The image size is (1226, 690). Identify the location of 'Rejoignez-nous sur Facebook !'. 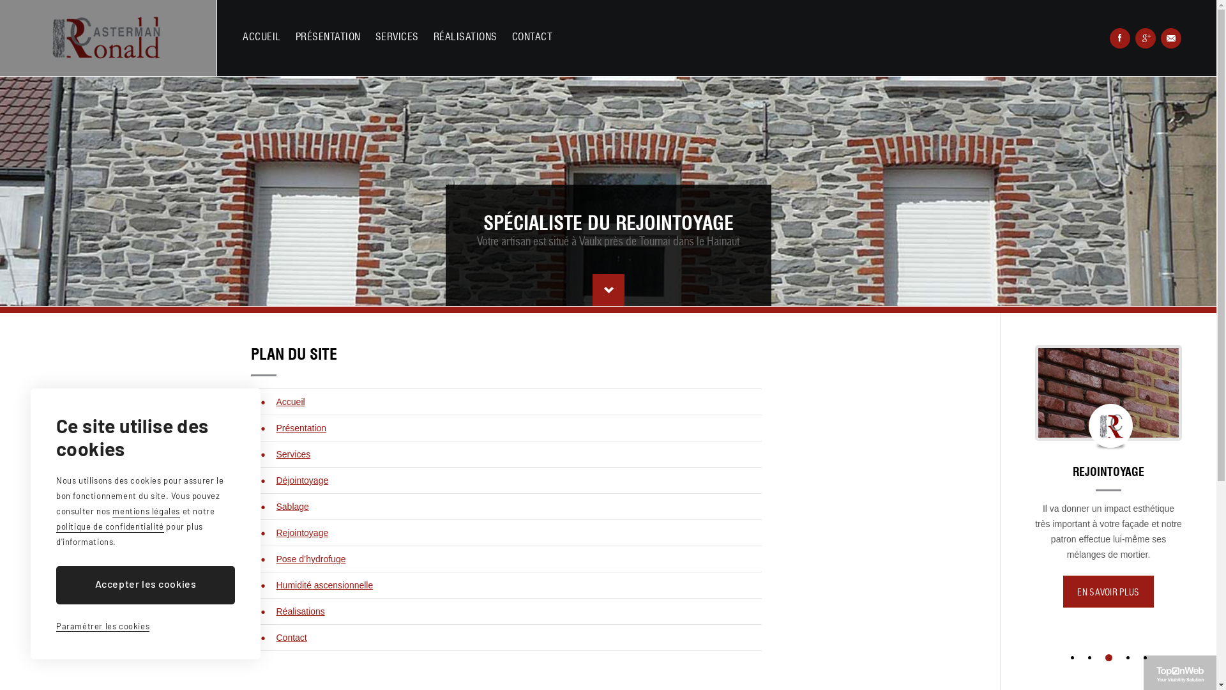
(1119, 38).